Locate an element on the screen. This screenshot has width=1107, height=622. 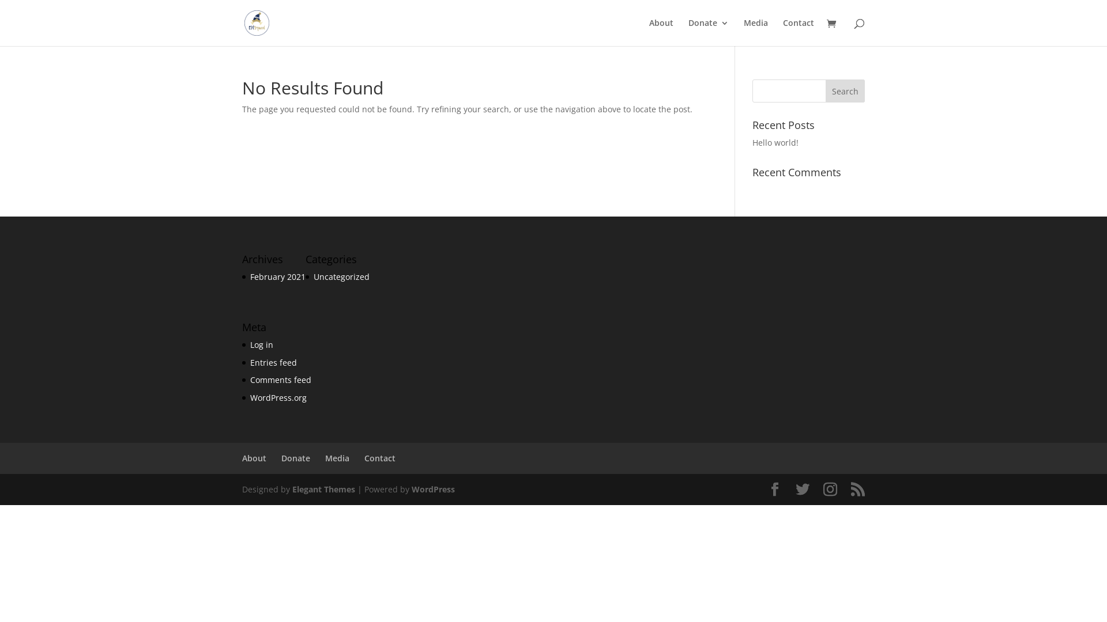
'Log in' is located at coordinates (261, 344).